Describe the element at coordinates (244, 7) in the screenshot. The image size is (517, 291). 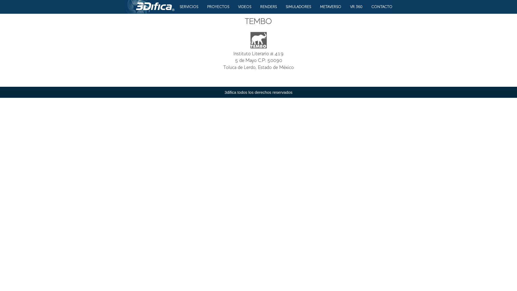
I see `'VIDEOS'` at that location.